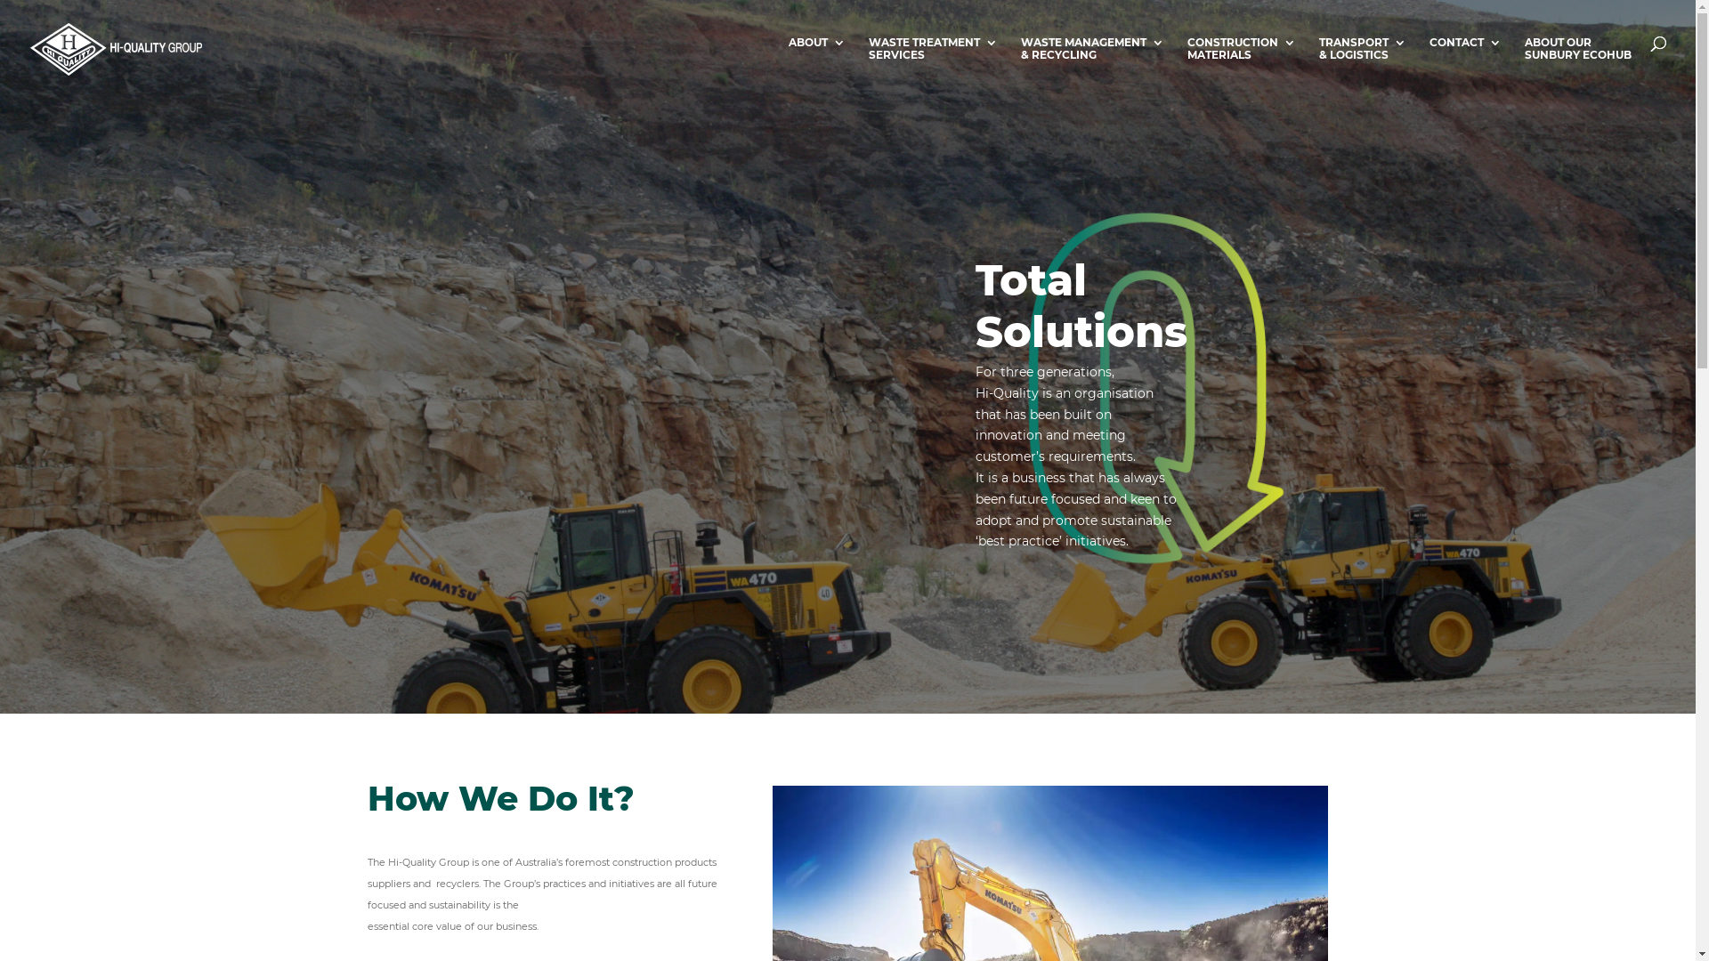  What do you see at coordinates (1577, 66) in the screenshot?
I see `'ABOUT OUR` at bounding box center [1577, 66].